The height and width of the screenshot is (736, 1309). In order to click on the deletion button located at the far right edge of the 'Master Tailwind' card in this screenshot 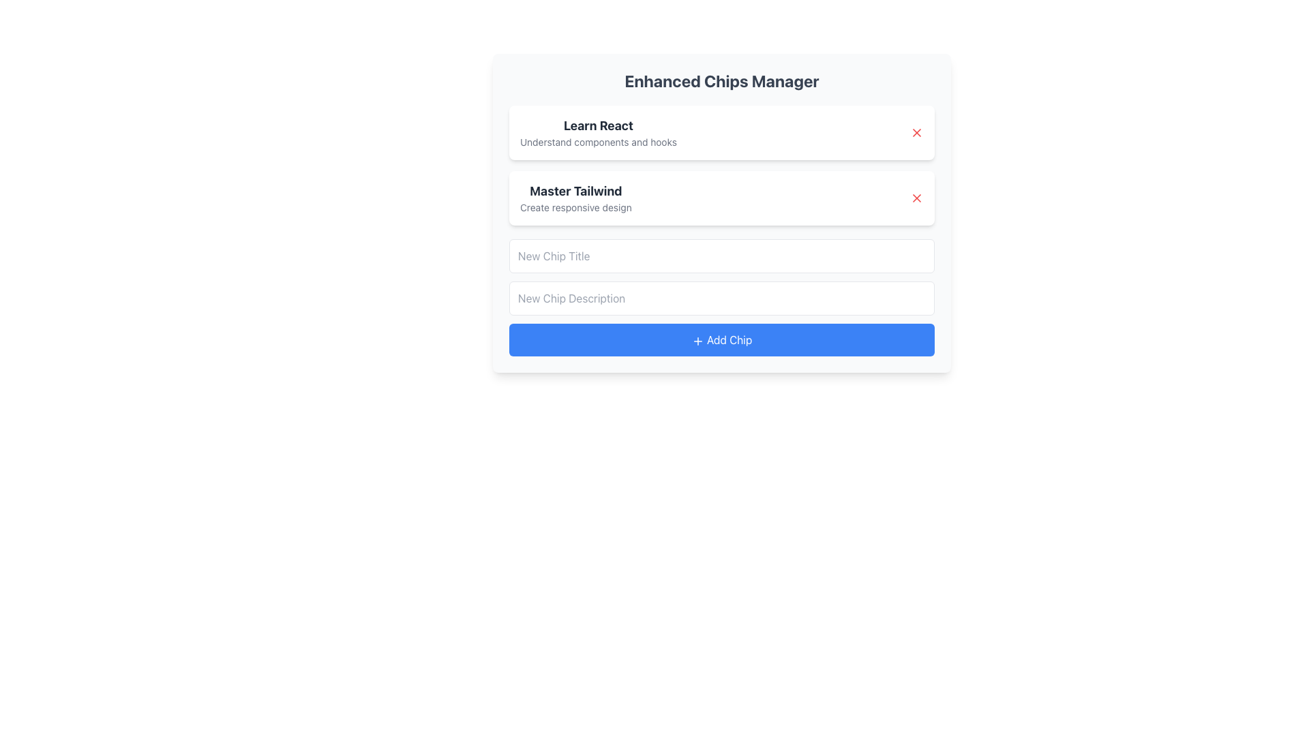, I will do `click(916, 198)`.